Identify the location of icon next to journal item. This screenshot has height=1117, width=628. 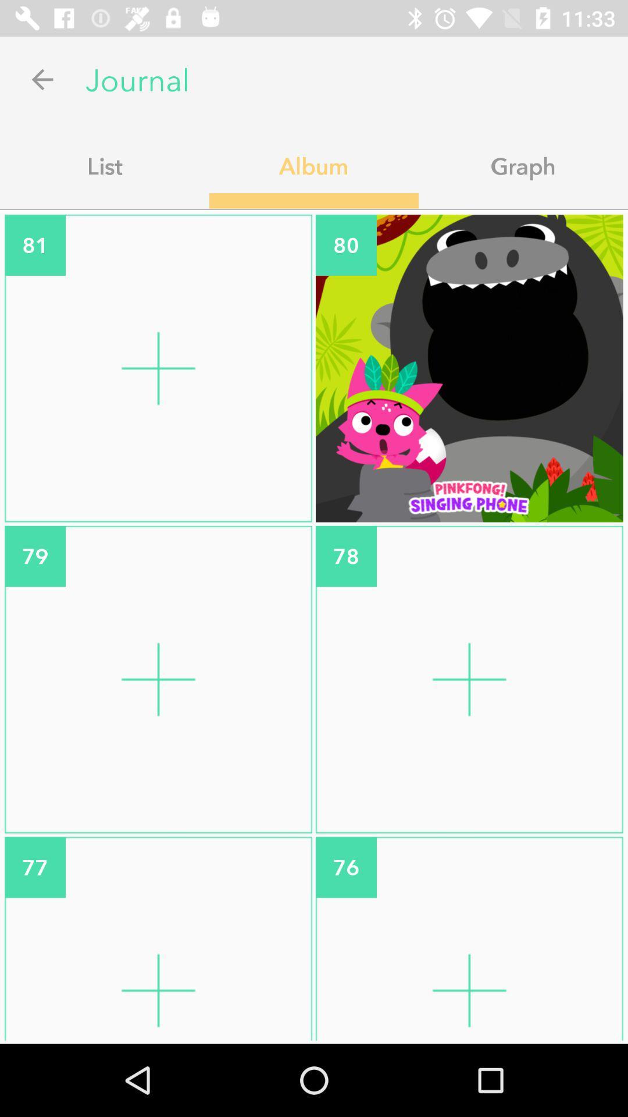
(42, 79).